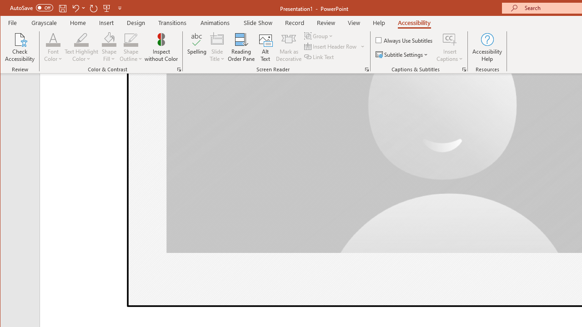  I want to click on 'Captions & Subtitles', so click(464, 69).